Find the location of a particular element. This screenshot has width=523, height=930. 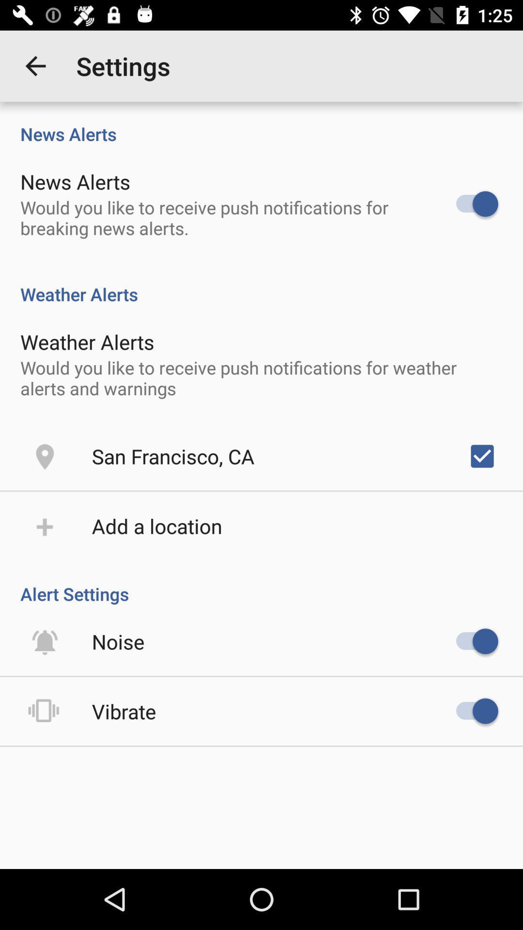

add a location icon is located at coordinates (156, 525).